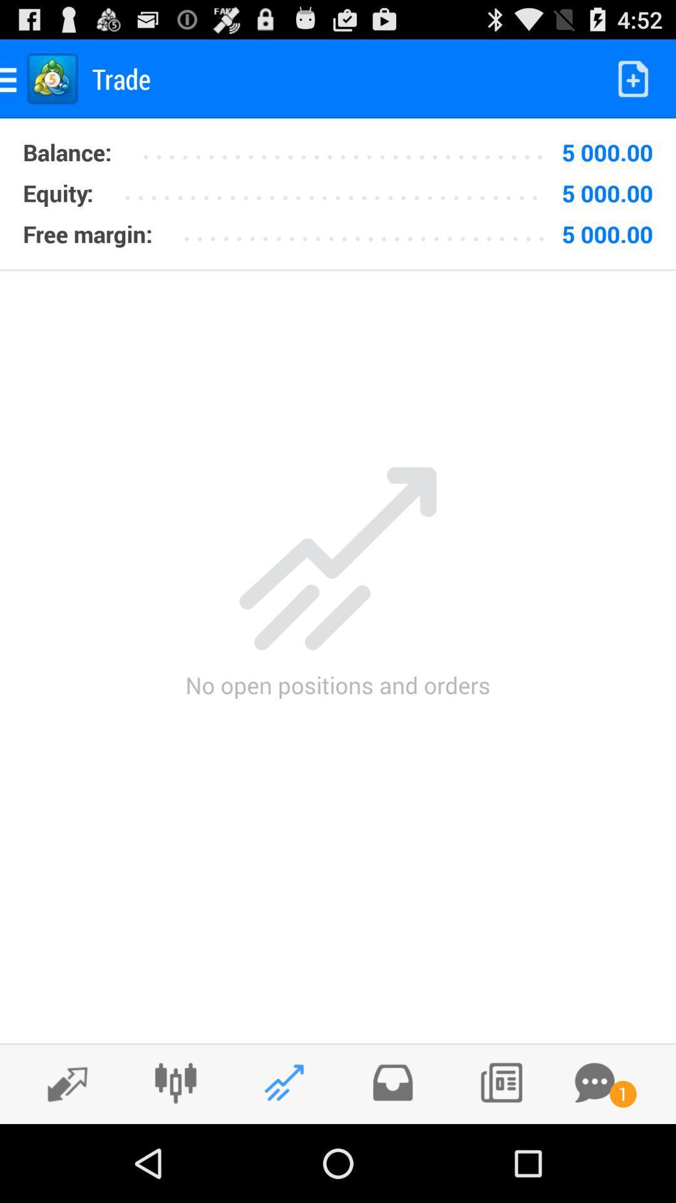 The height and width of the screenshot is (1203, 676). I want to click on the item above free margin:, so click(58, 192).